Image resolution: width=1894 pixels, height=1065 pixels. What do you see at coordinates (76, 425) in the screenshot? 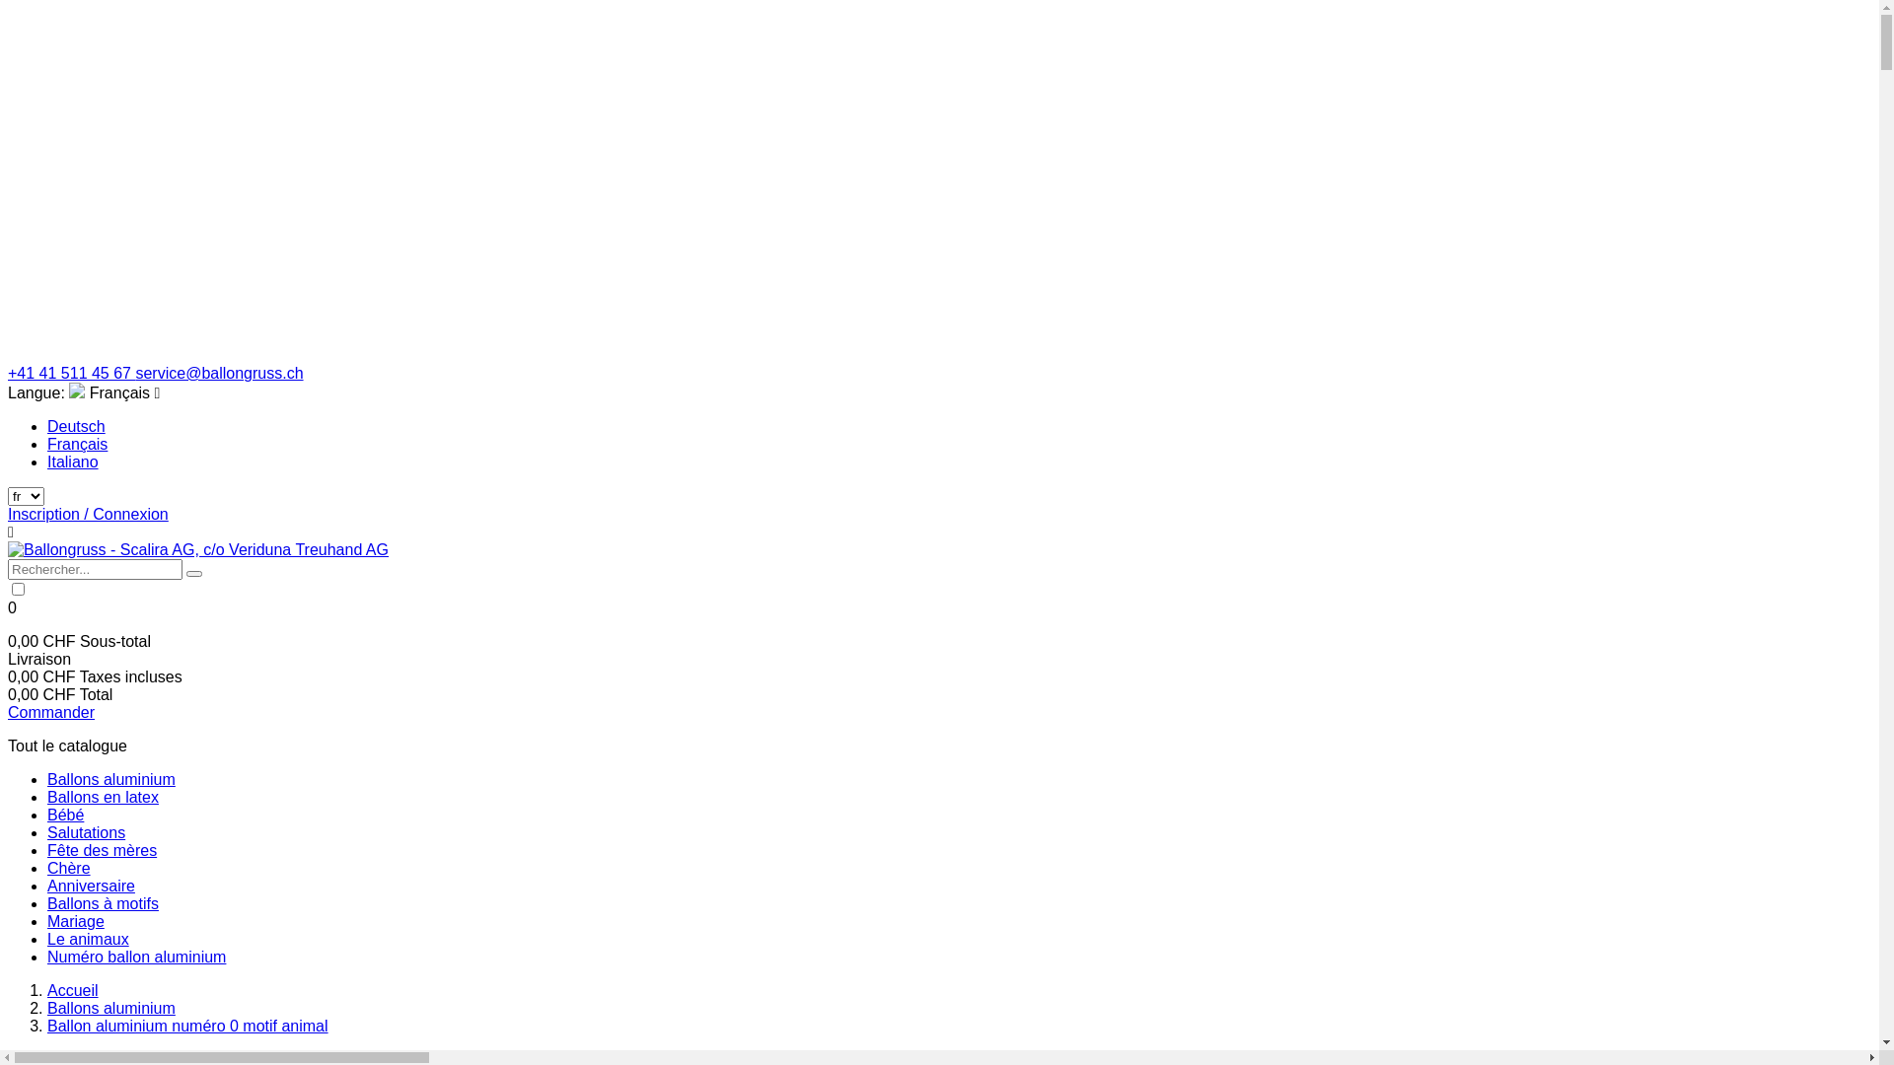
I see `'Deutsch'` at bounding box center [76, 425].